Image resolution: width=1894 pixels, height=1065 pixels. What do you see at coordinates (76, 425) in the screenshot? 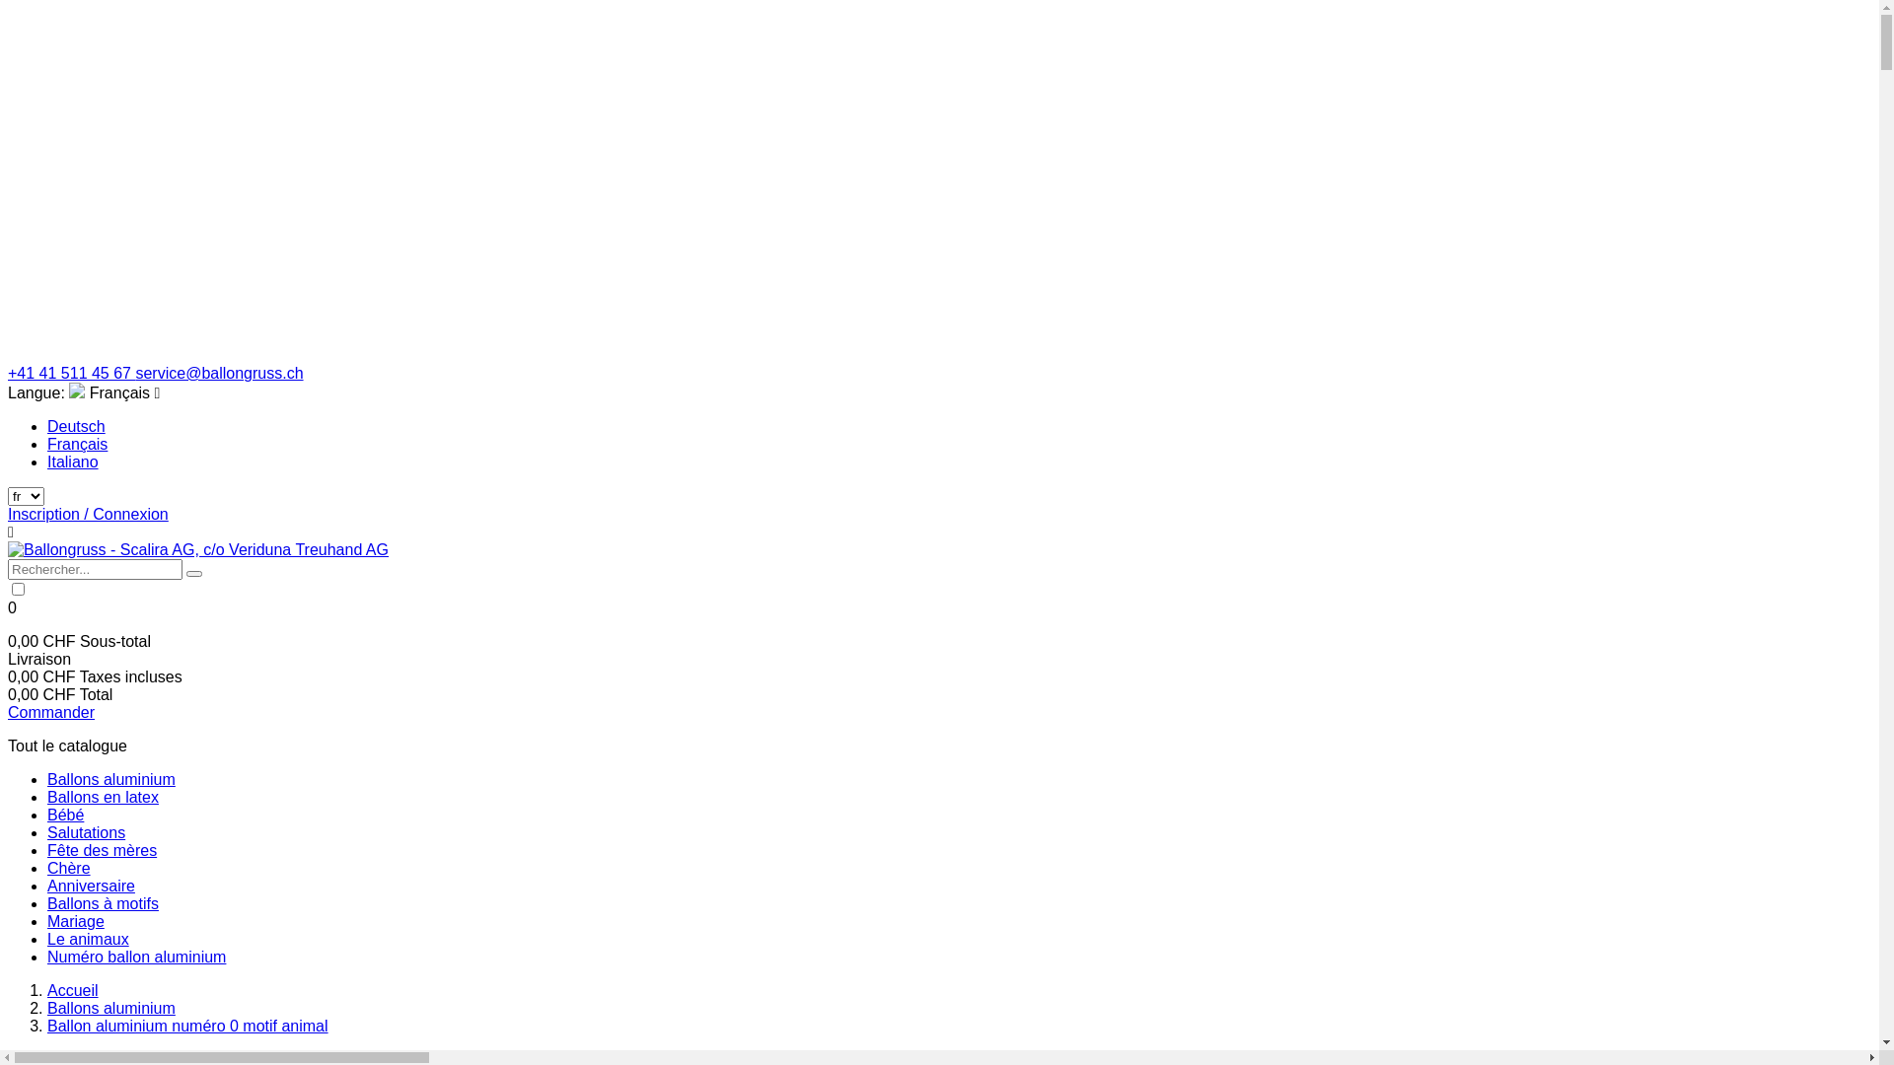
I see `'Deutsch'` at bounding box center [76, 425].